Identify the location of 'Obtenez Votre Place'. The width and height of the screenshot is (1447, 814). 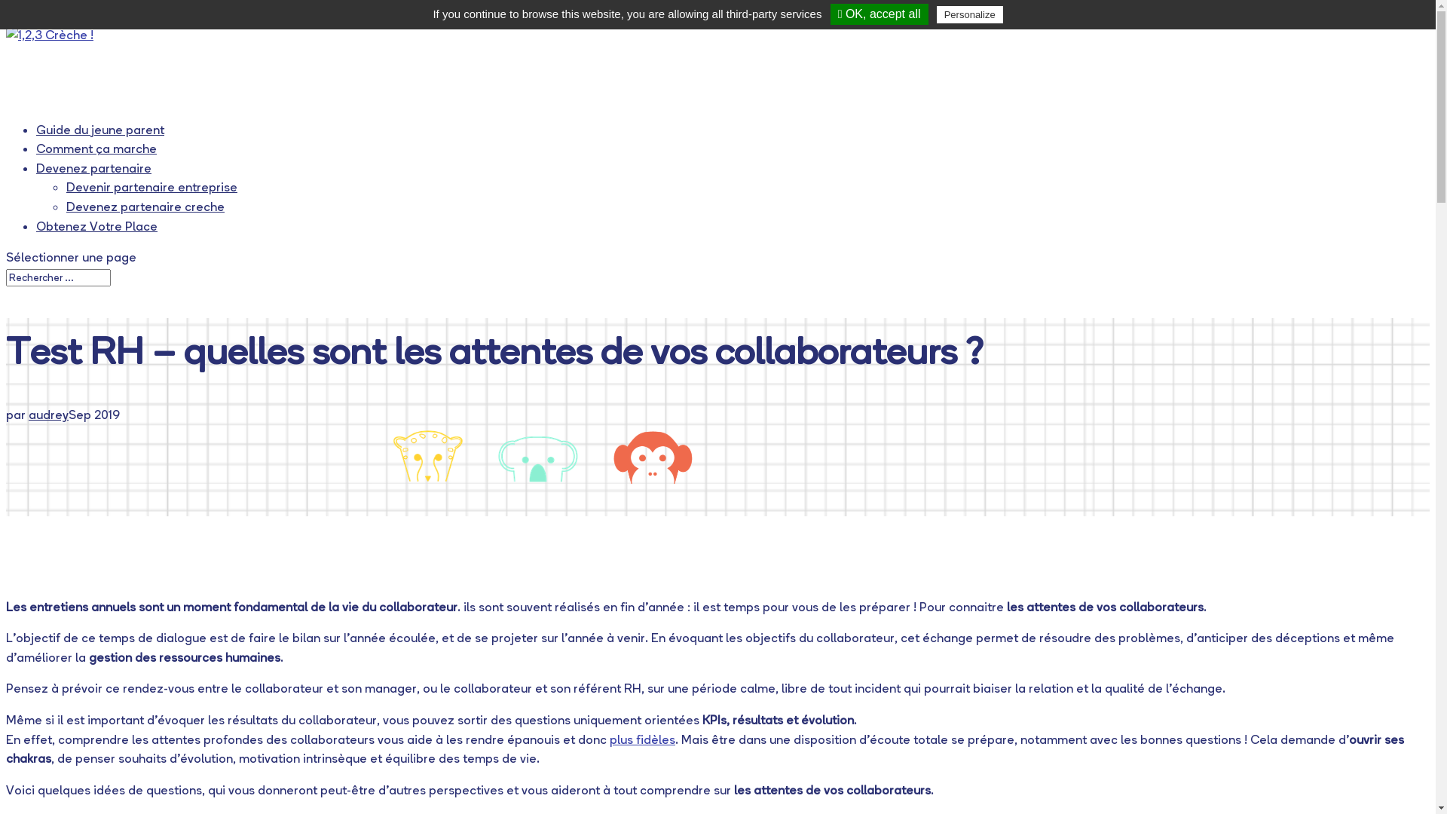
(96, 233).